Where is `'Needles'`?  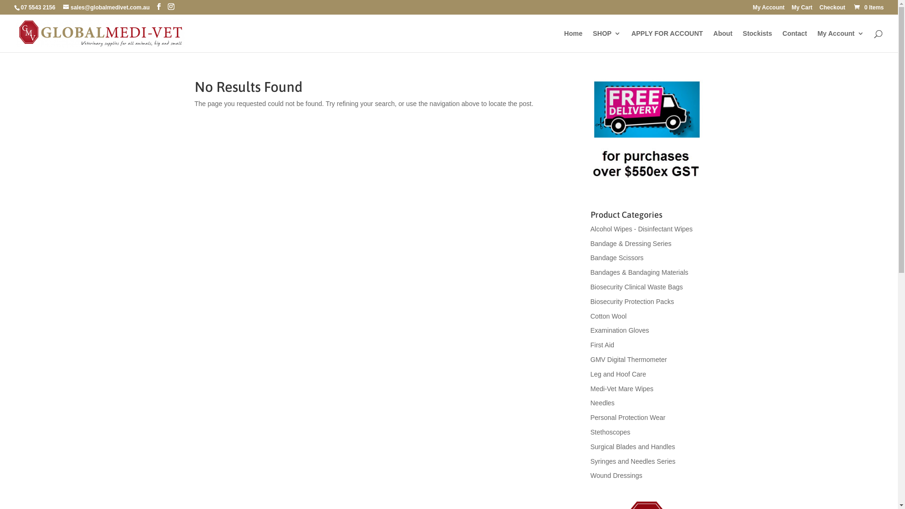
'Needles' is located at coordinates (590, 403).